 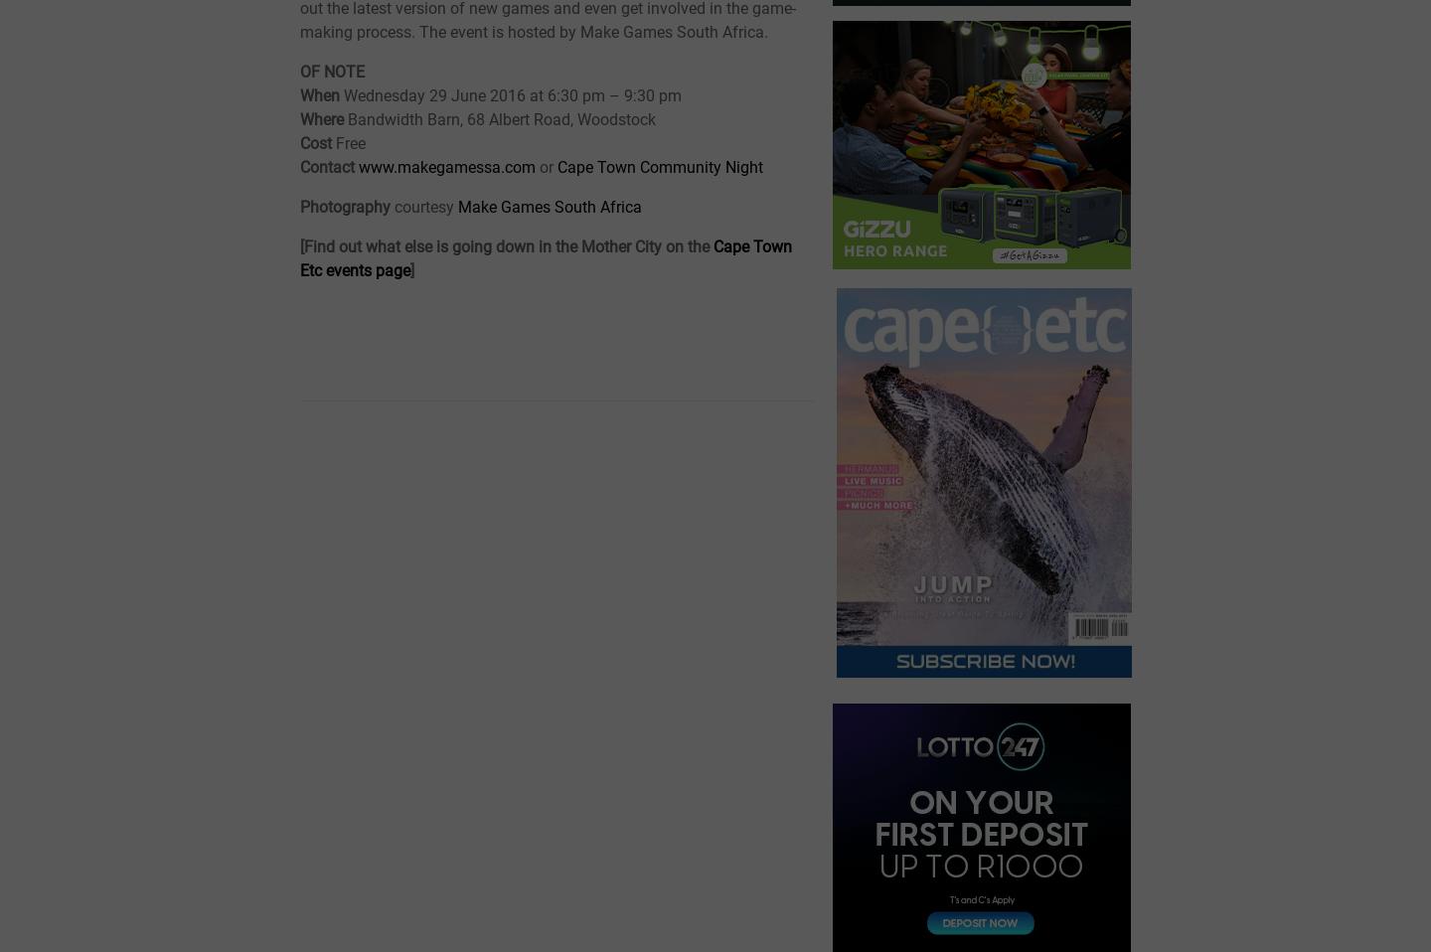 I want to click on 'Wednesday 29 June 2016 at 6:30 pm – 9:30 pm', so click(x=511, y=94).